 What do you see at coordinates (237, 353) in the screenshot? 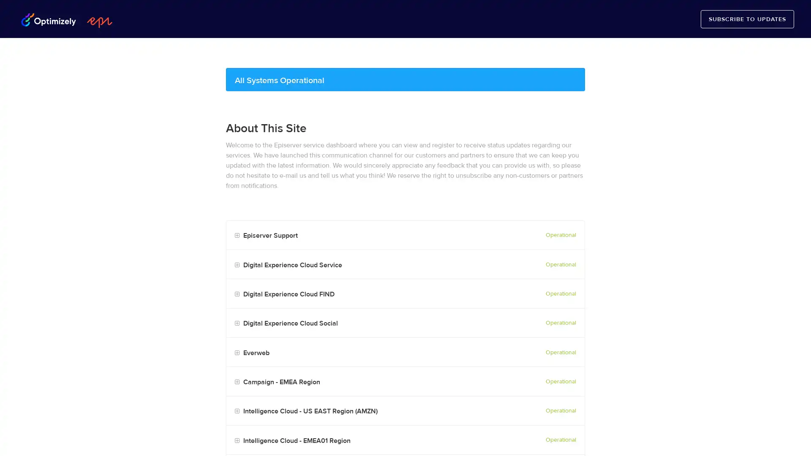
I see `Toggle Everweb` at bounding box center [237, 353].